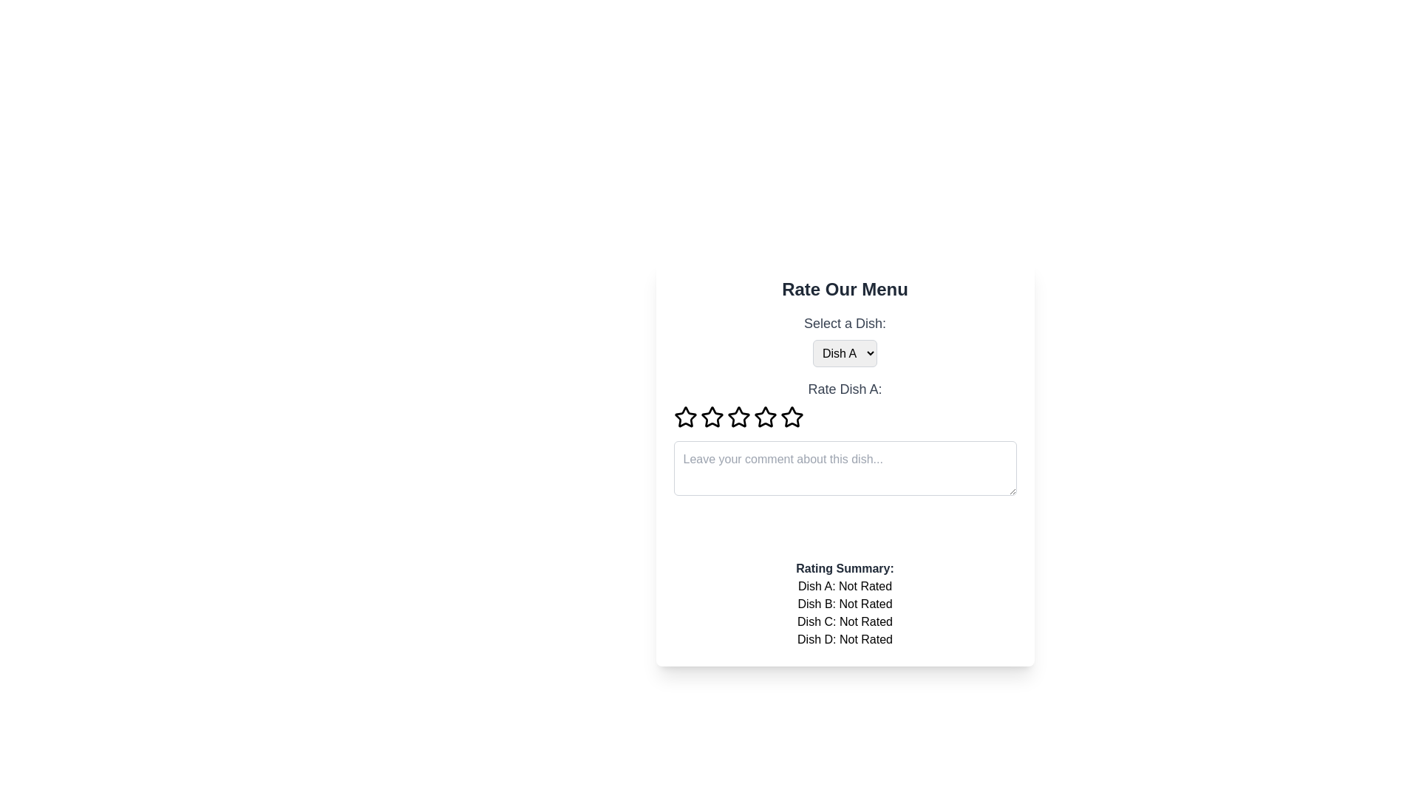 This screenshot has height=798, width=1419. What do you see at coordinates (845, 621) in the screenshot?
I see `the text label that reads 'Dish C: Not Rated' in the rating summary list, which is positioned between 'Dish B: Not Rated' and 'Dish D: Not Rated'` at bounding box center [845, 621].